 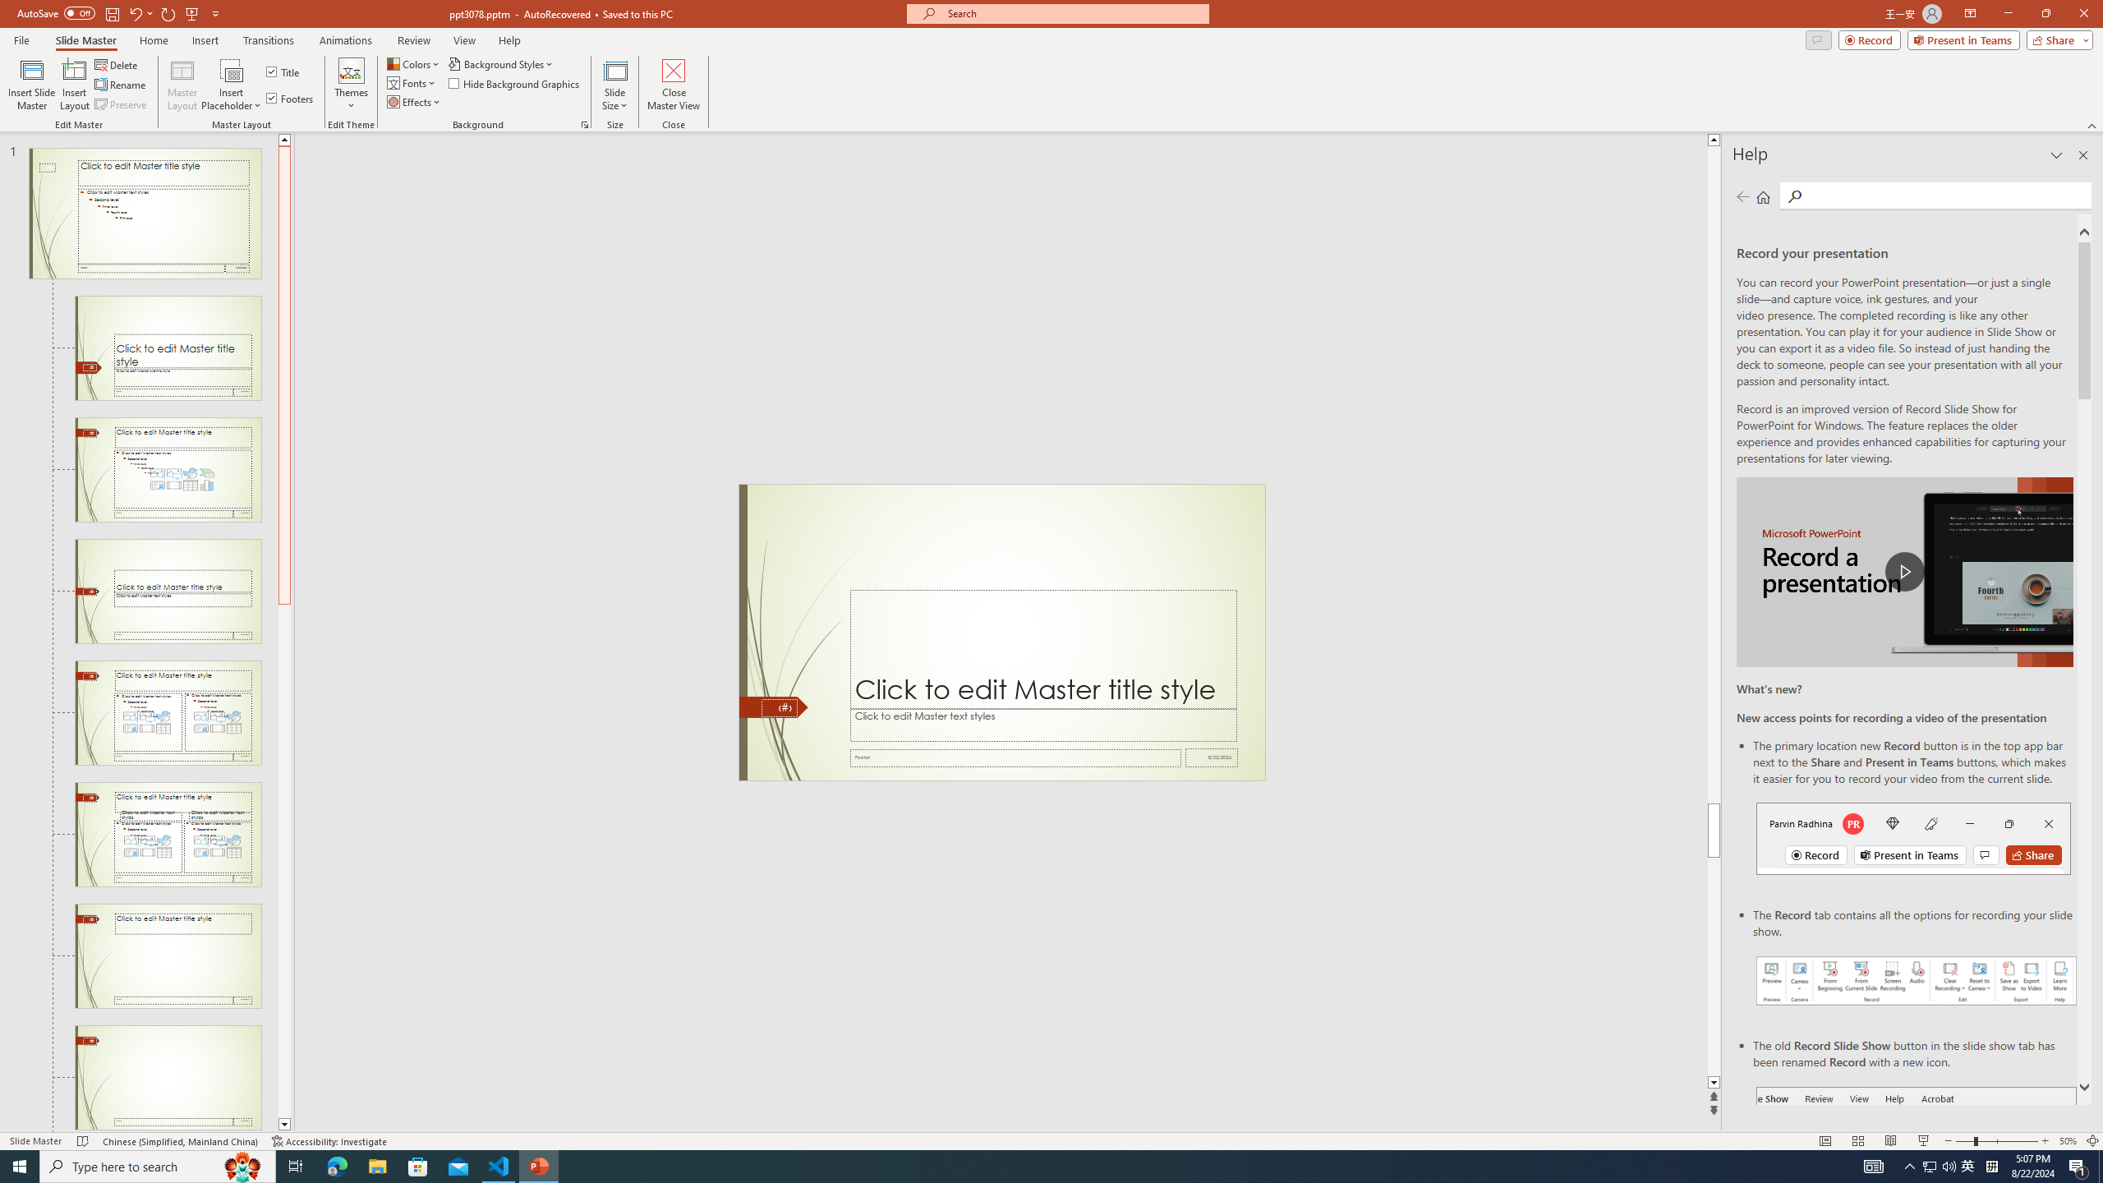 What do you see at coordinates (1212, 757) in the screenshot?
I see `'Date'` at bounding box center [1212, 757].